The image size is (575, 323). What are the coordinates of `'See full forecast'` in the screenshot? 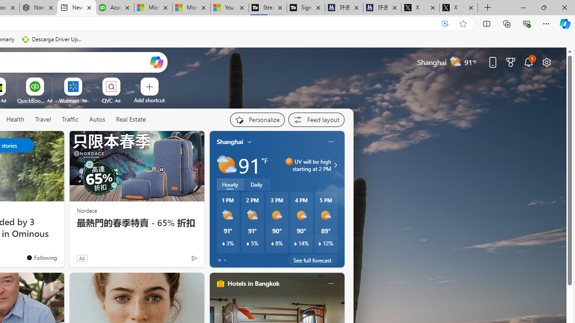 It's located at (312, 260).